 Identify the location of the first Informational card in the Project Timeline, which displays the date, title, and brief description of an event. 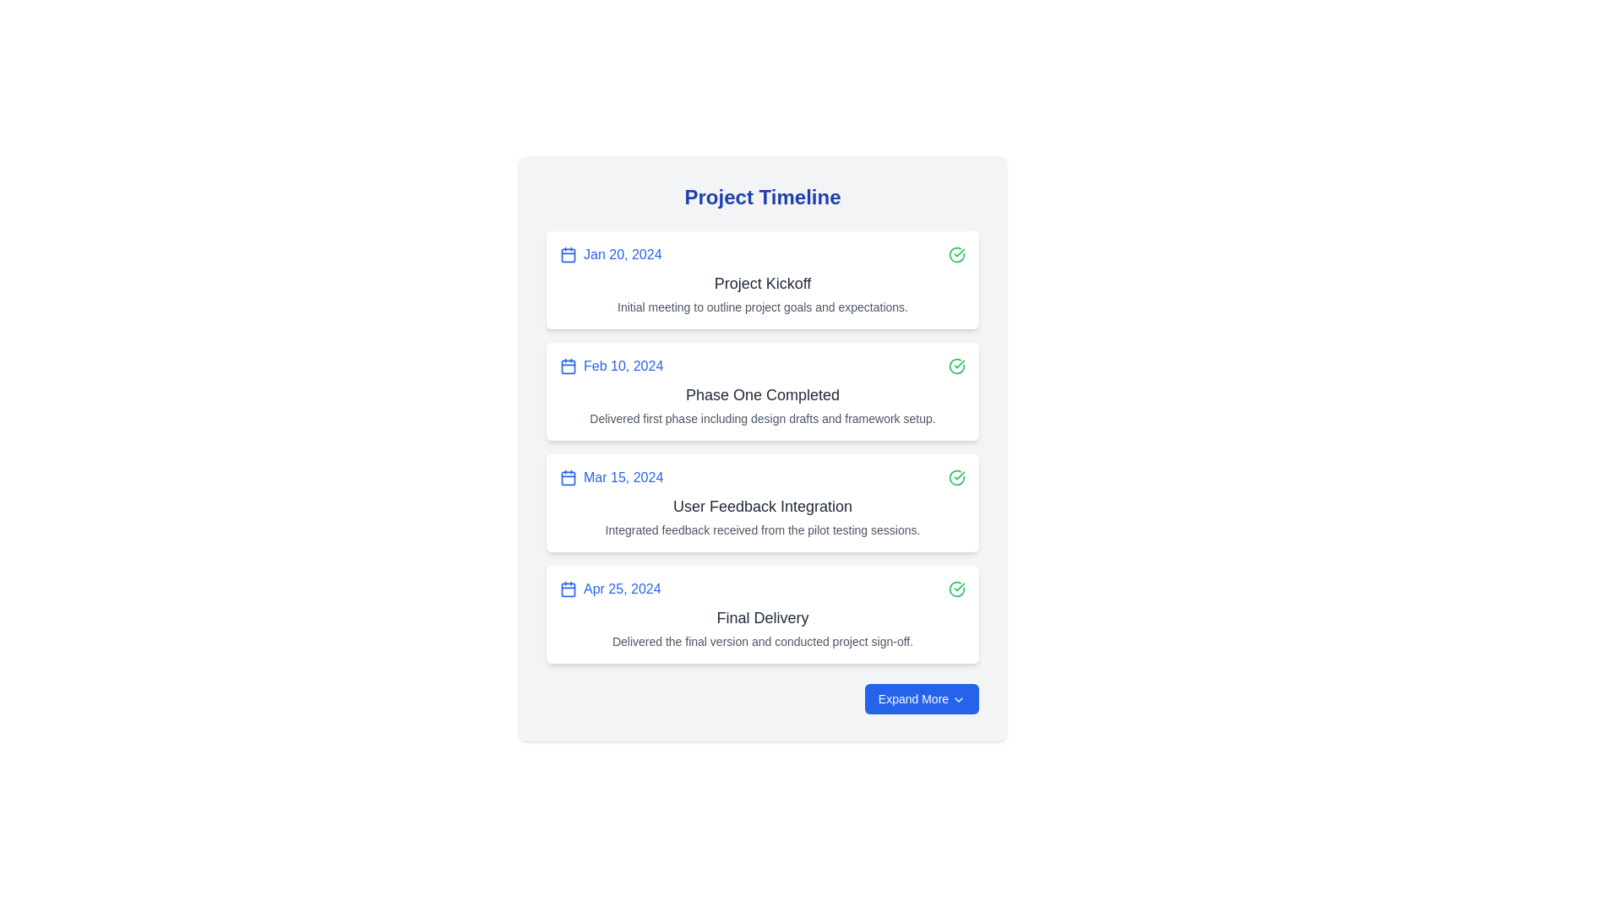
(761, 279).